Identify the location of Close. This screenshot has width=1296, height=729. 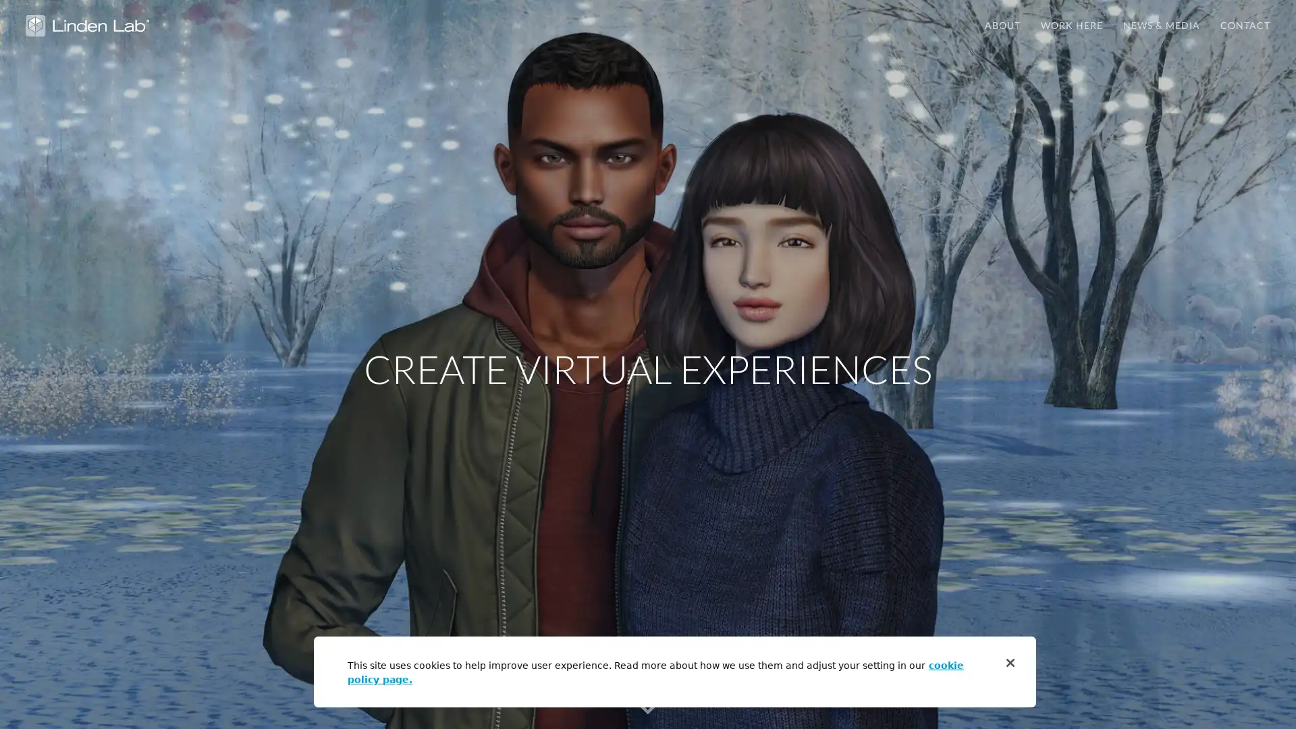
(1010, 662).